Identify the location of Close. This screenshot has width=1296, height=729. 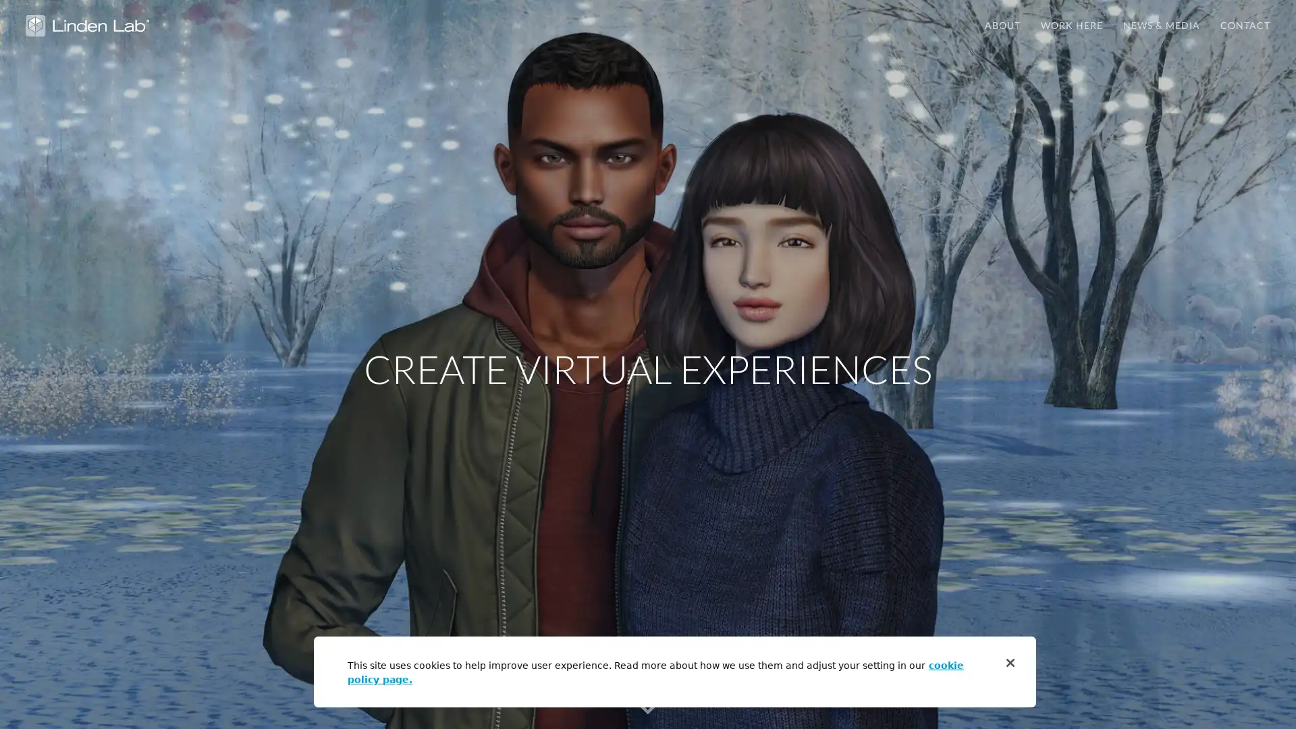
(1010, 662).